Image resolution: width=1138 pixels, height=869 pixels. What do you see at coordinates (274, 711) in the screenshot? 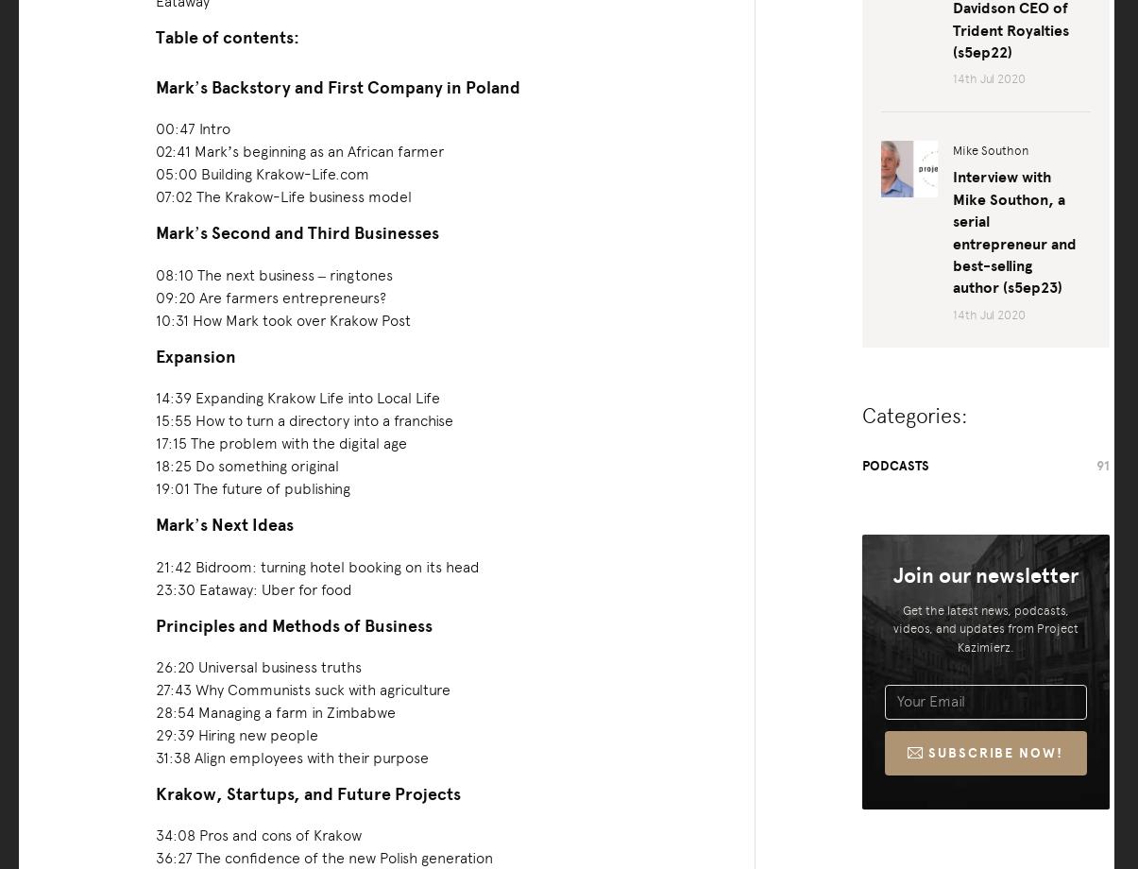
I see `'28:54 Managing a farm in Zimbabwe'` at bounding box center [274, 711].